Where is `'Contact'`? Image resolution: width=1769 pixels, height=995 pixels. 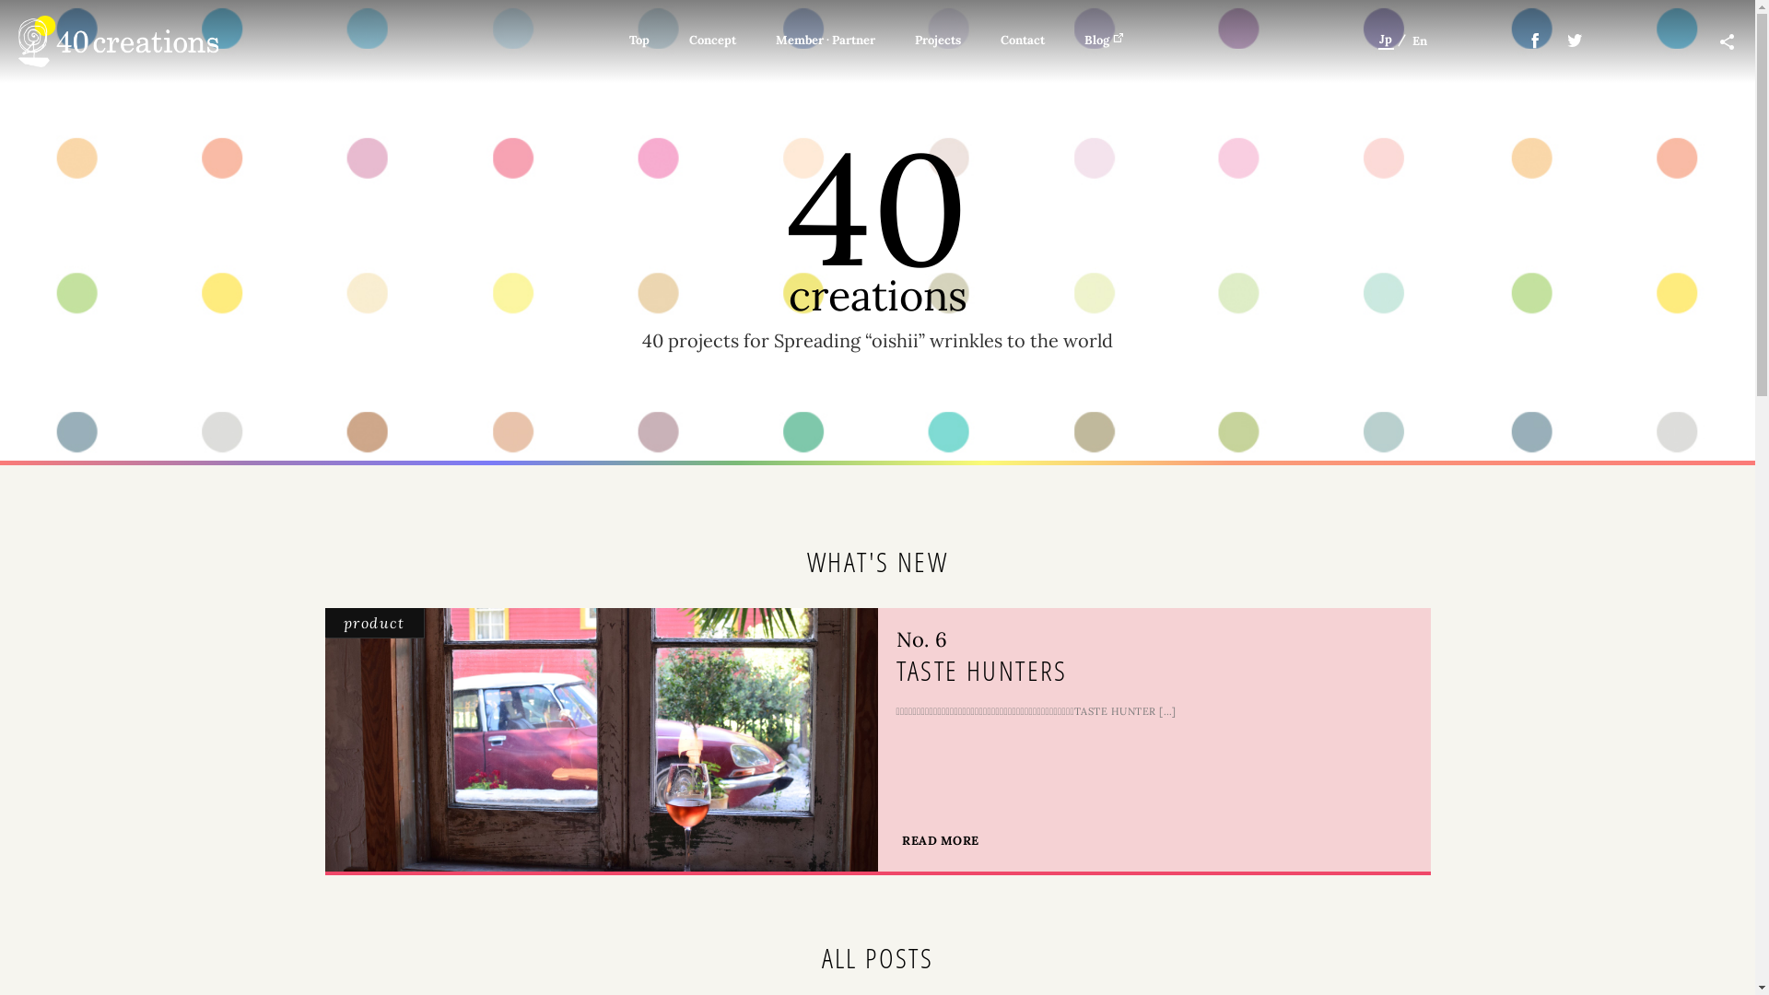
'Contact' is located at coordinates (1021, 40).